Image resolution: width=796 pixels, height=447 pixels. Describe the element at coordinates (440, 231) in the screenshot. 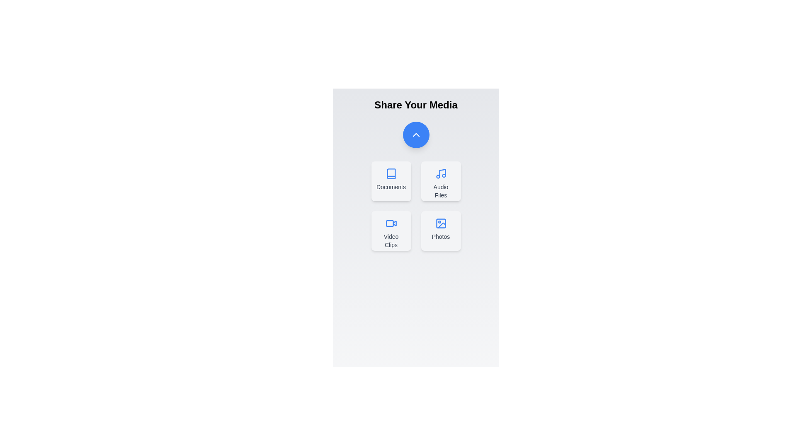

I see `the button corresponding to the media type Photos` at that location.